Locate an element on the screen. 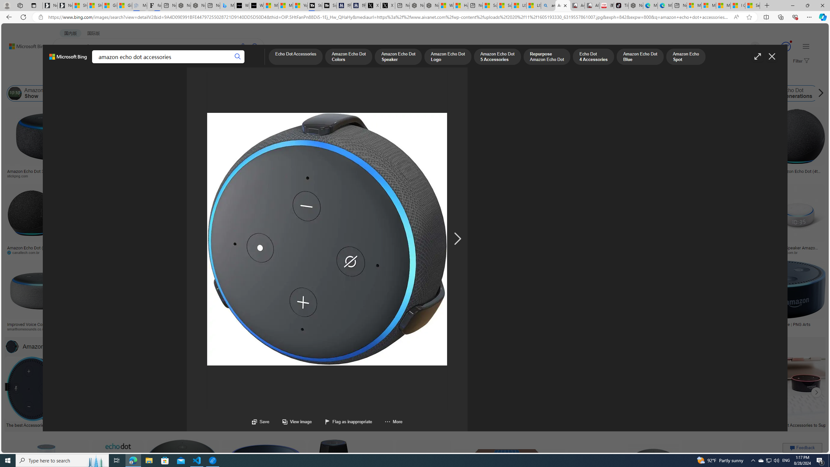 This screenshot has height=467, width=830. 'Huge shark washes ashore at New York City beach | Watch' is located at coordinates (460, 5).